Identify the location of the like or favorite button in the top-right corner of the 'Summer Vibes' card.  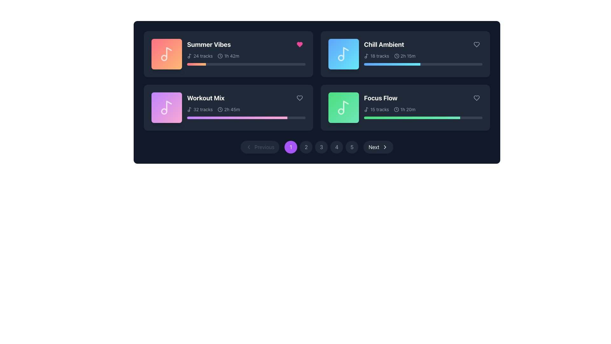
(299, 44).